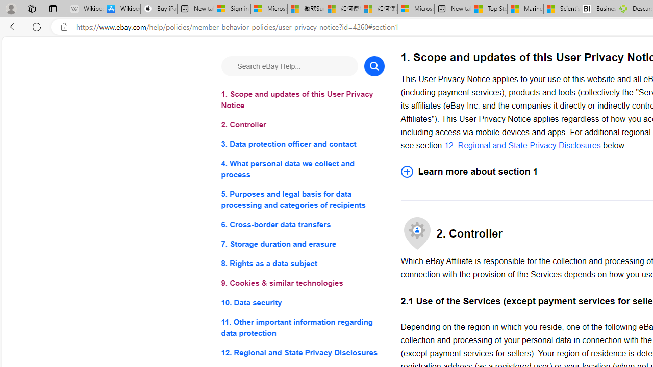  What do you see at coordinates (522, 145) in the screenshot?
I see `'12. Regional and State Privacy Disclosures'` at bounding box center [522, 145].